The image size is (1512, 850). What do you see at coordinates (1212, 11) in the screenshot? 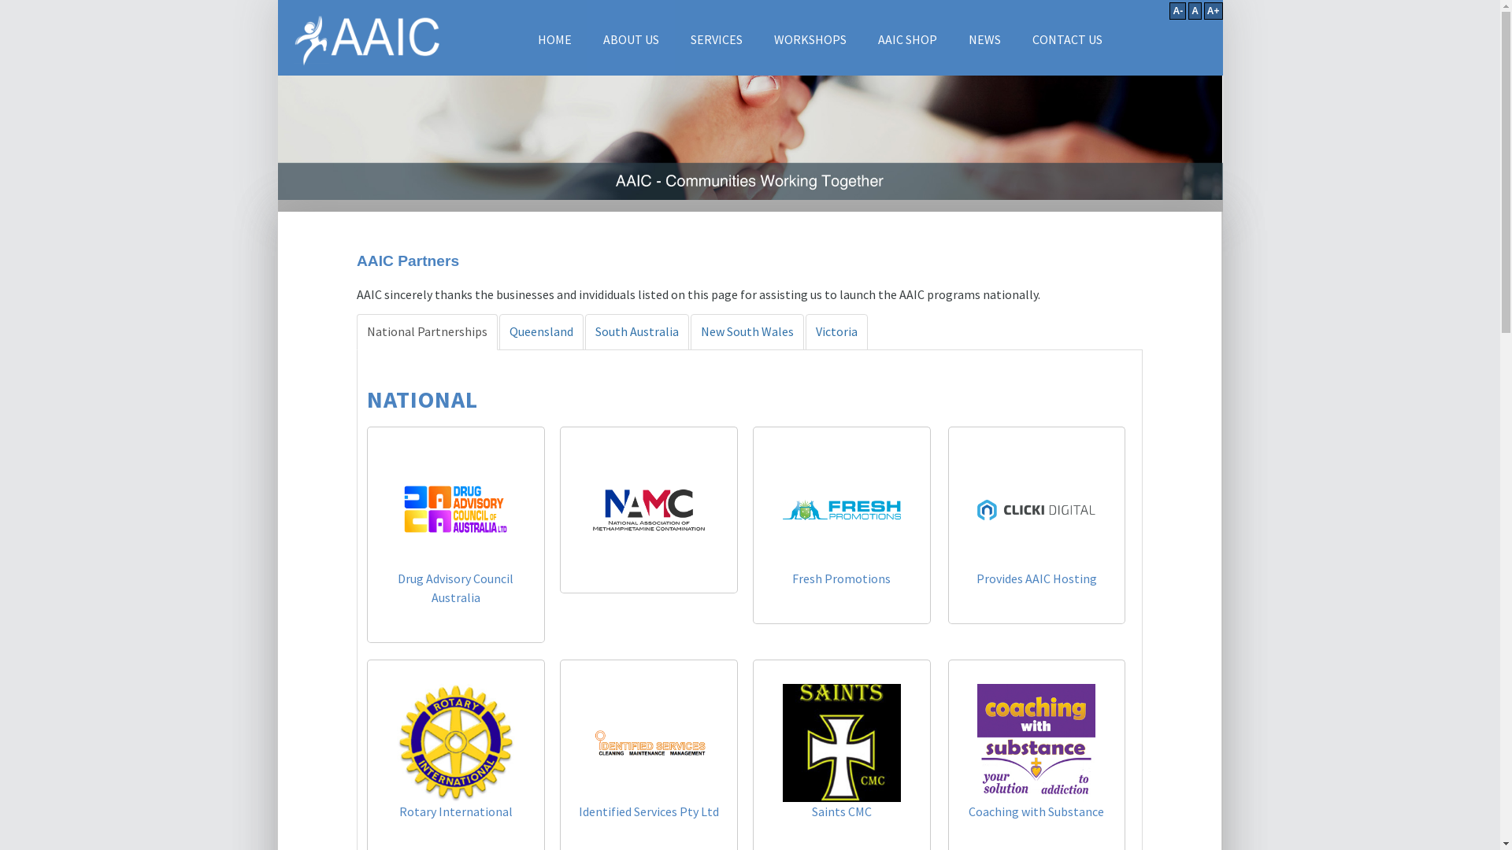
I see `'A+'` at bounding box center [1212, 11].